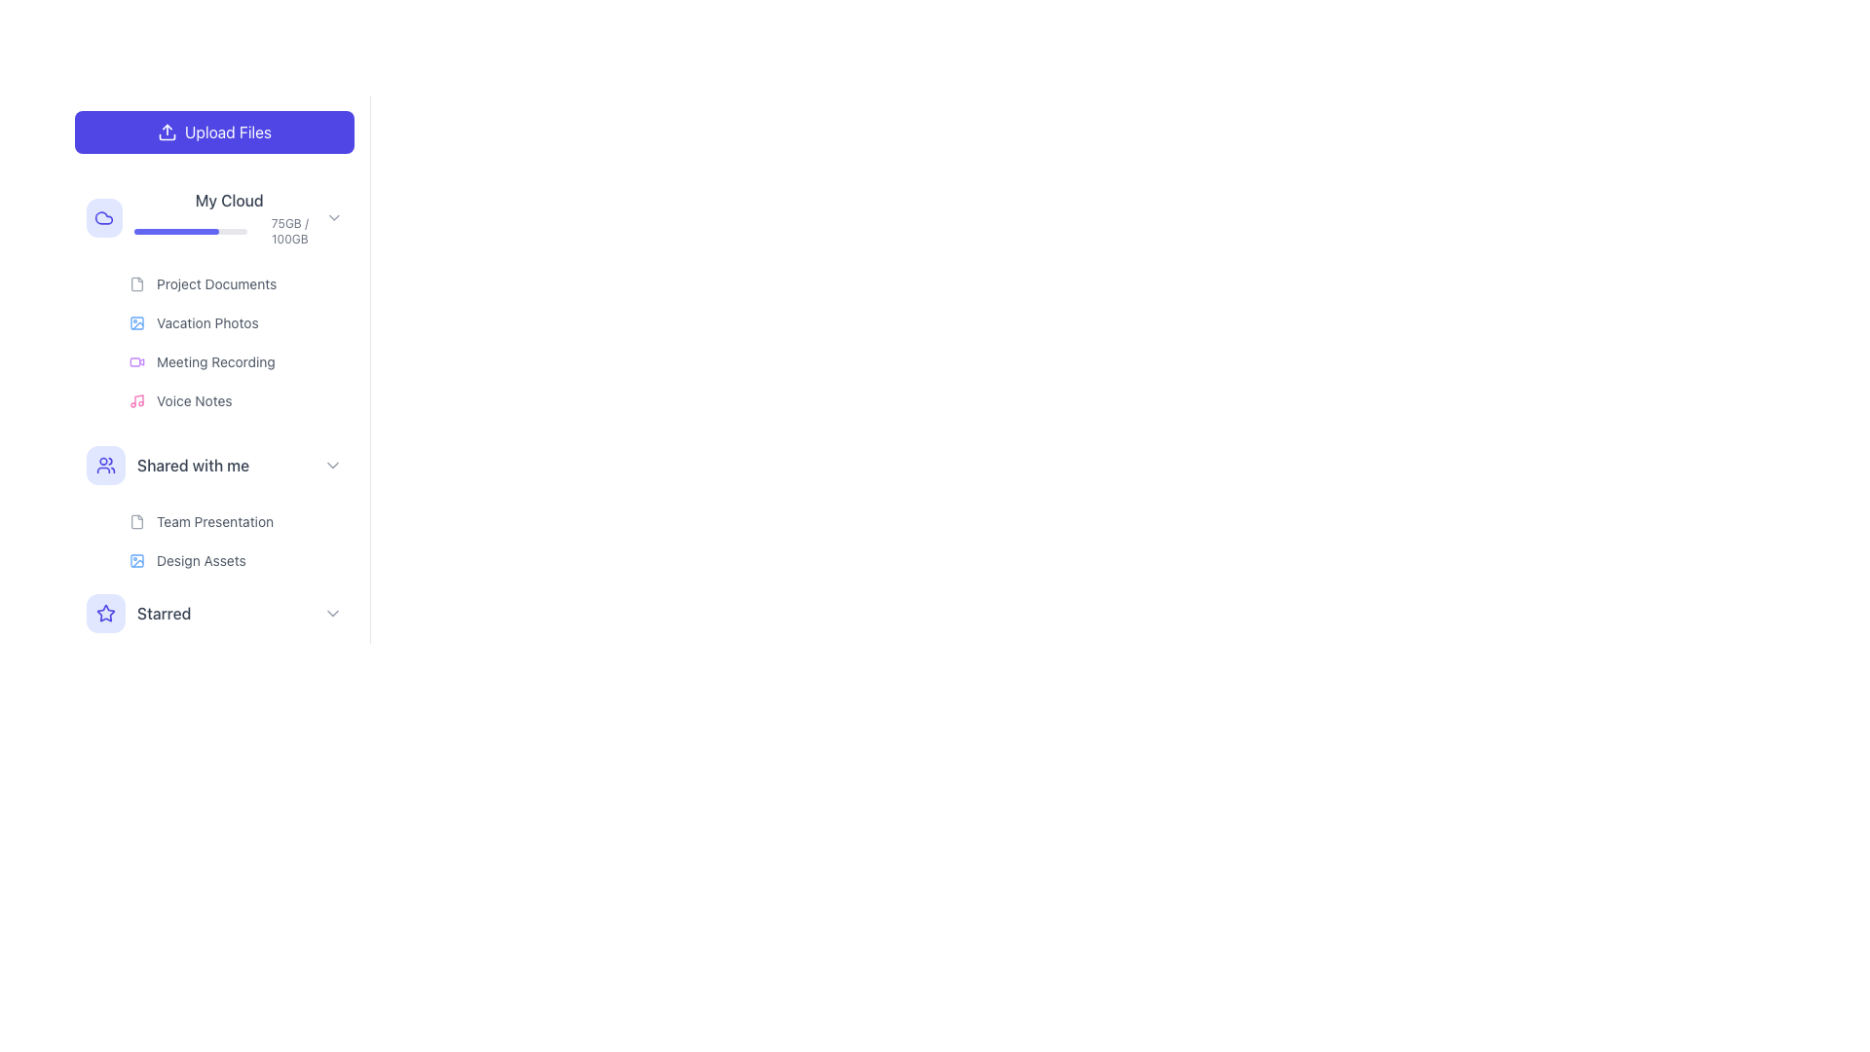 Image resolution: width=1870 pixels, height=1052 pixels. What do you see at coordinates (332, 466) in the screenshot?
I see `the Chevron icon located at the rightmost position of the 'Shared with me' menu item in the left sidebar` at bounding box center [332, 466].